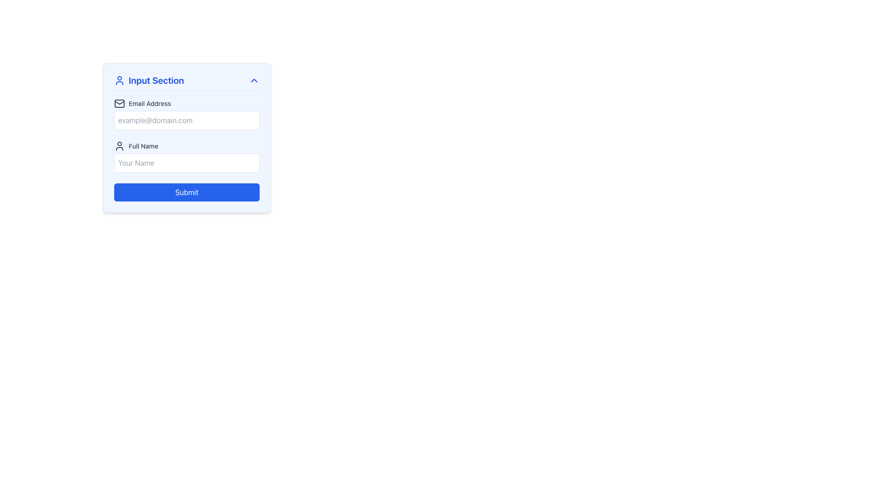 This screenshot has width=870, height=489. What do you see at coordinates (119, 80) in the screenshot?
I see `the user profile icon styled in blue, located to the left of the 'Input Section' text in the header` at bounding box center [119, 80].